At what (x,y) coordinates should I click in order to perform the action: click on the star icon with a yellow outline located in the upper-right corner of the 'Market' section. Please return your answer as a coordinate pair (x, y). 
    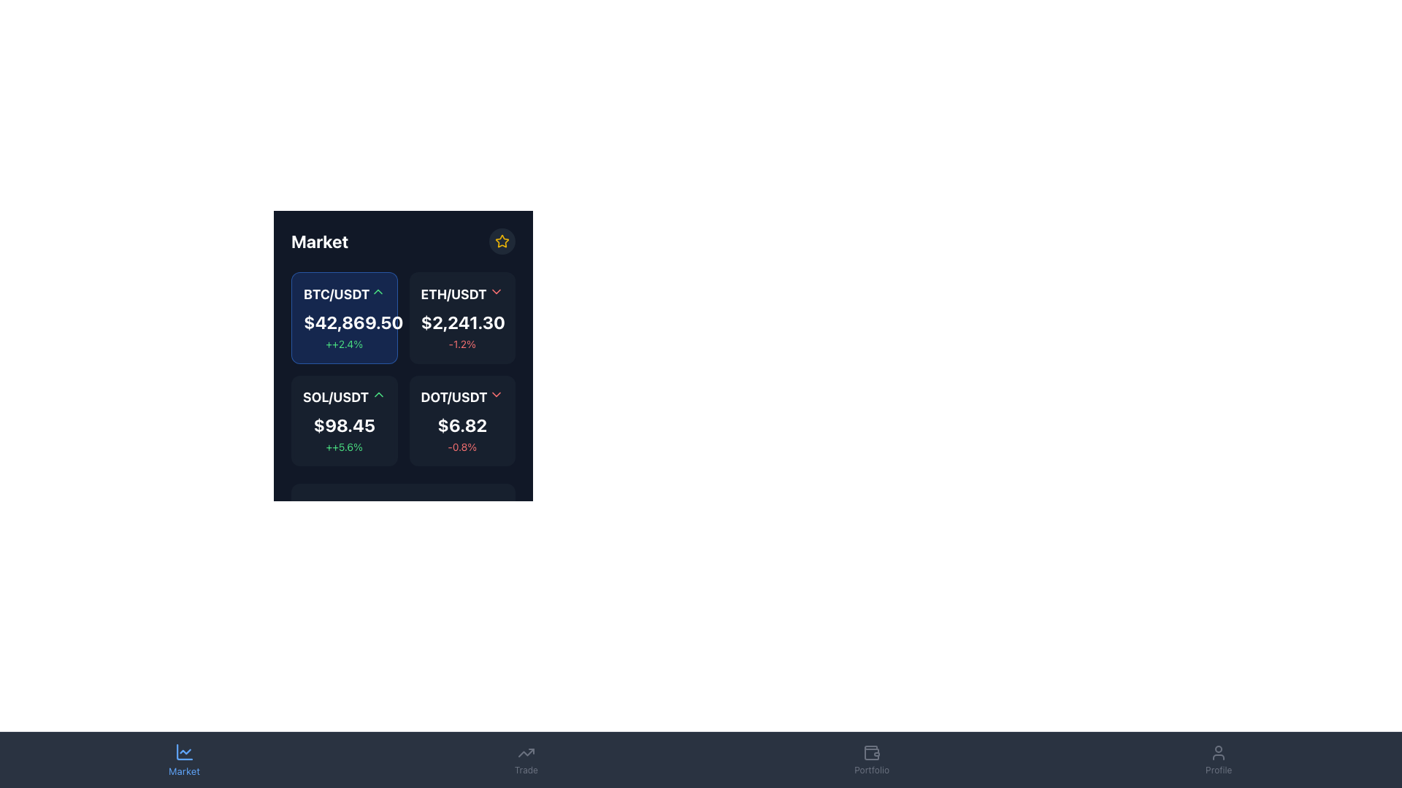
    Looking at the image, I should click on (502, 241).